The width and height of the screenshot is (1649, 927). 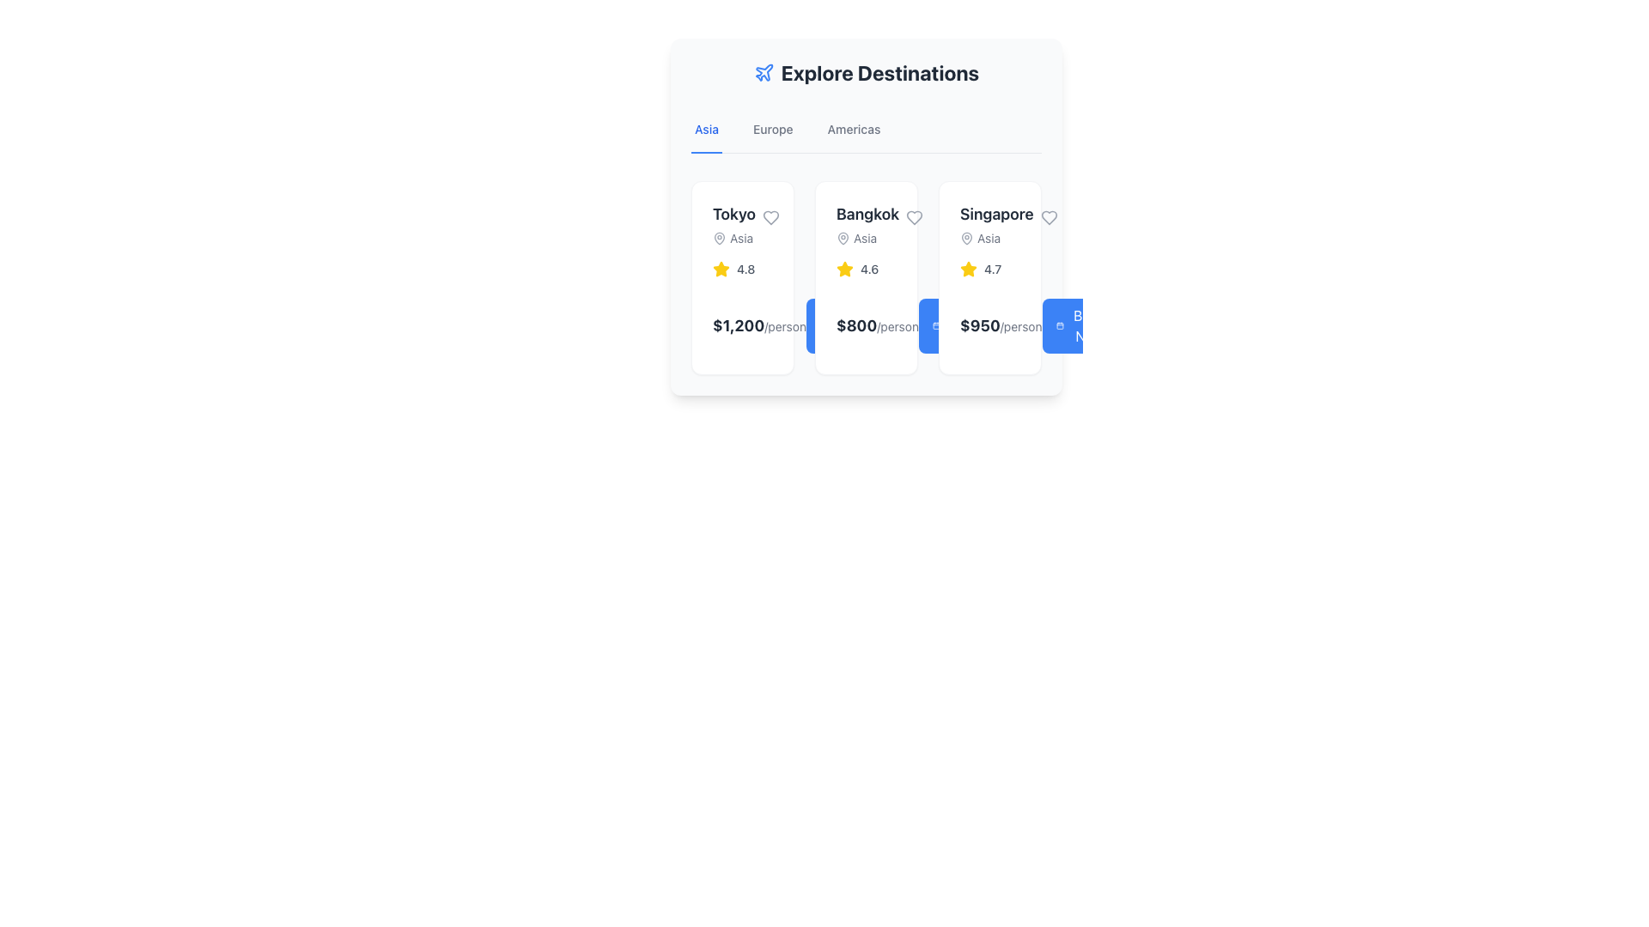 I want to click on the label that indicates the price is per person, located immediately to the right of '$950' in the third card of the 'Asia' section for 'Singapore', so click(x=1021, y=326).